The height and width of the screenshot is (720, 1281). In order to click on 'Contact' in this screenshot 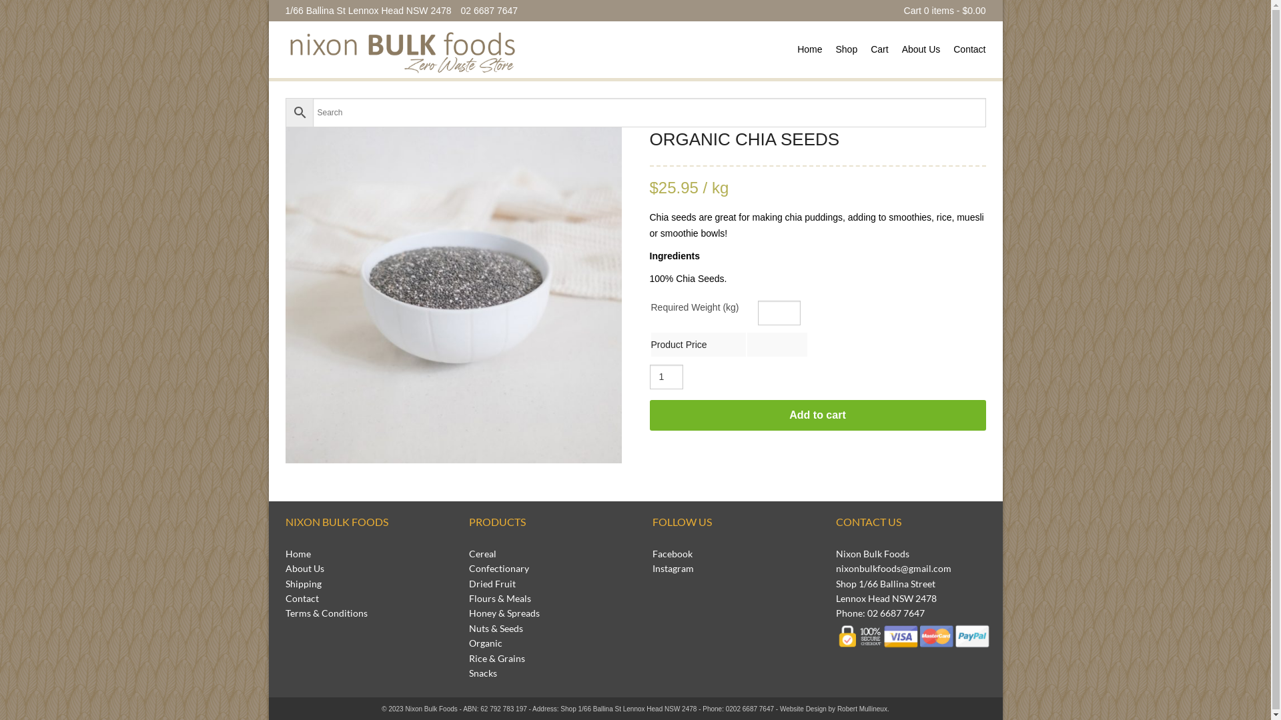, I will do `click(301, 597)`.